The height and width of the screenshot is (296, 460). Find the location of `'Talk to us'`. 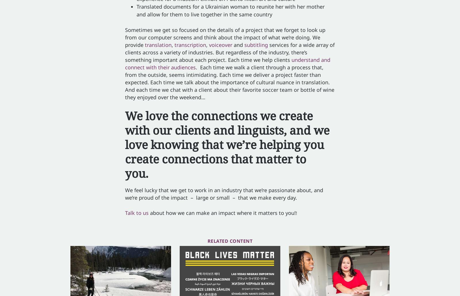

'Talk to us' is located at coordinates (137, 213).